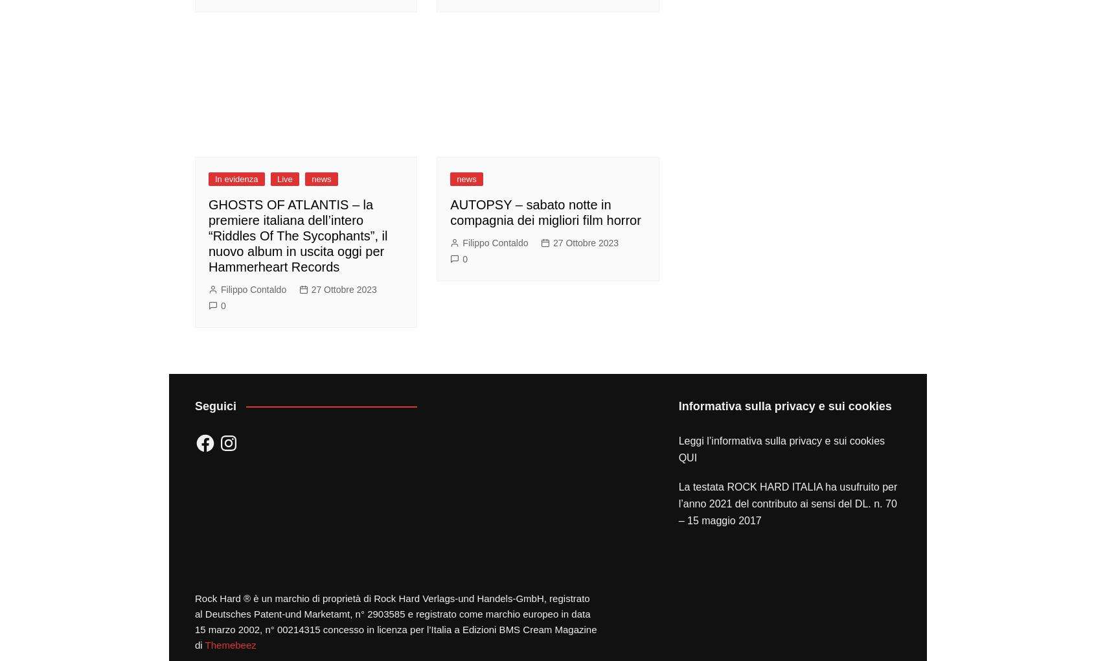 The width and height of the screenshot is (1096, 661). Describe the element at coordinates (788, 503) in the screenshot. I see `'La testata ROCK HARD ITALIA ha usufruito per l’anno 2021 del contributo ai sensi del DL. n. 70 – 15 maggio 2017'` at that location.